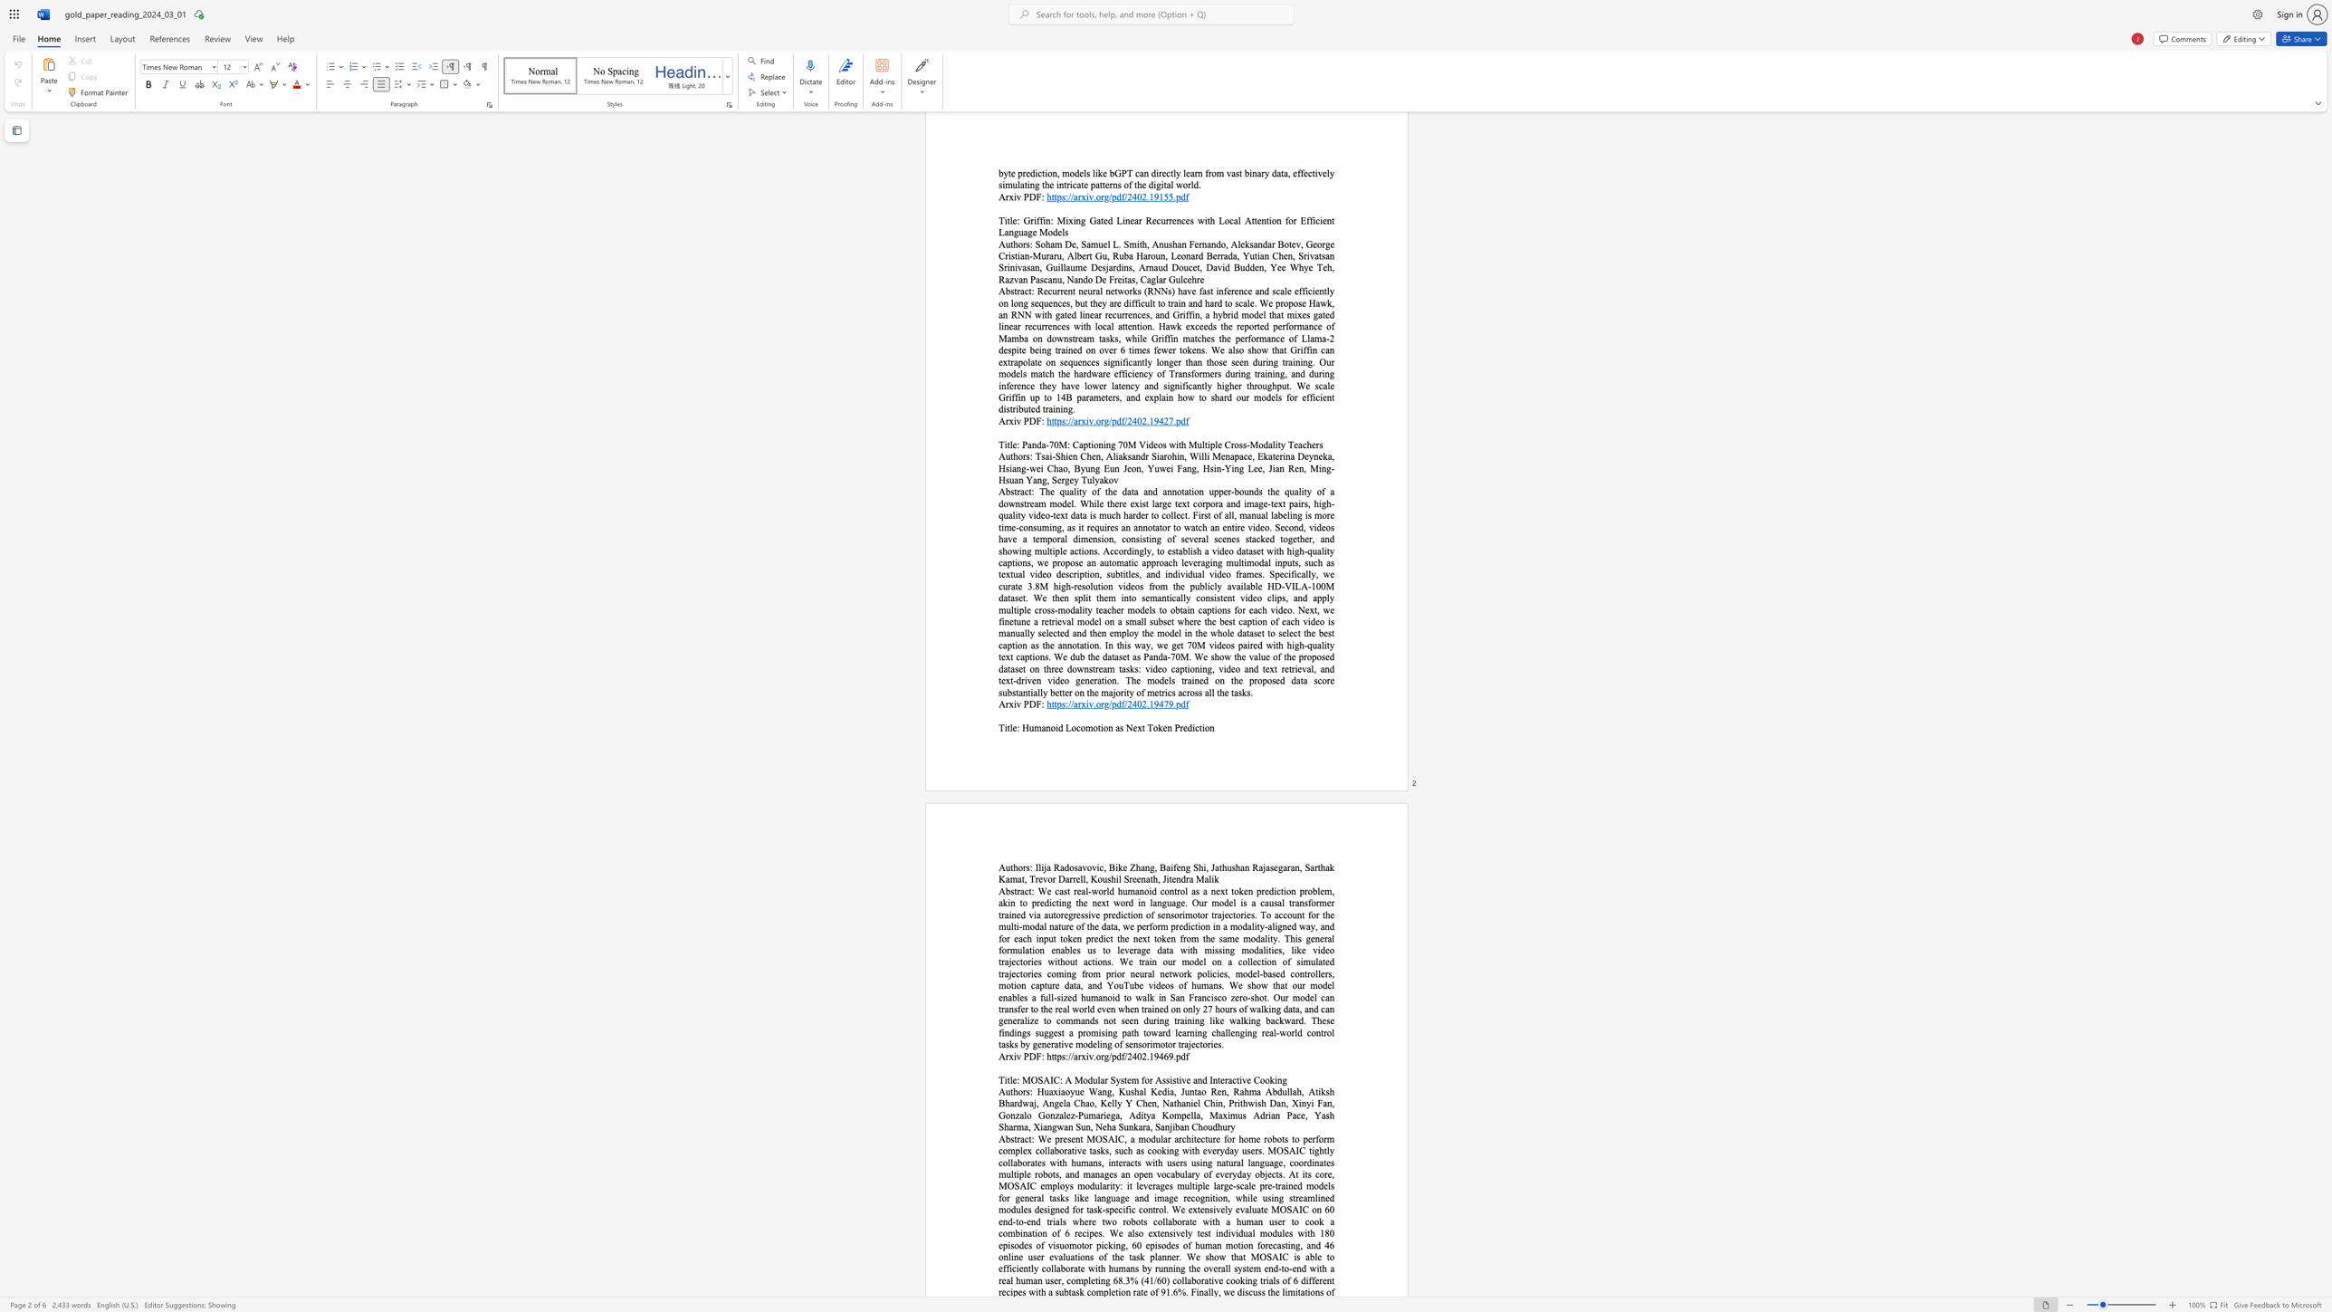  I want to click on the subset text "st" within the text "MOSAIC: A Modular System for Assistive and Interactive Cooking", so click(1120, 1078).